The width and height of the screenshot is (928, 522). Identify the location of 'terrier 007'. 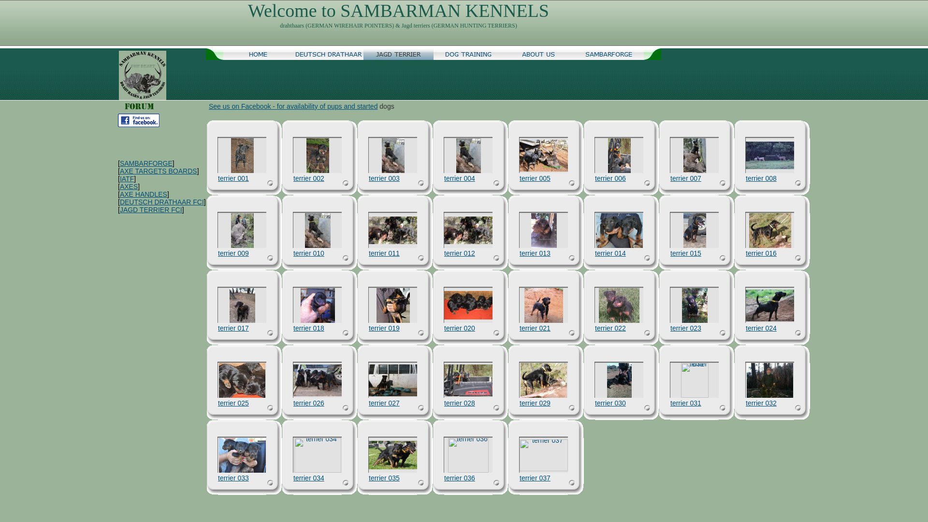
(670, 178).